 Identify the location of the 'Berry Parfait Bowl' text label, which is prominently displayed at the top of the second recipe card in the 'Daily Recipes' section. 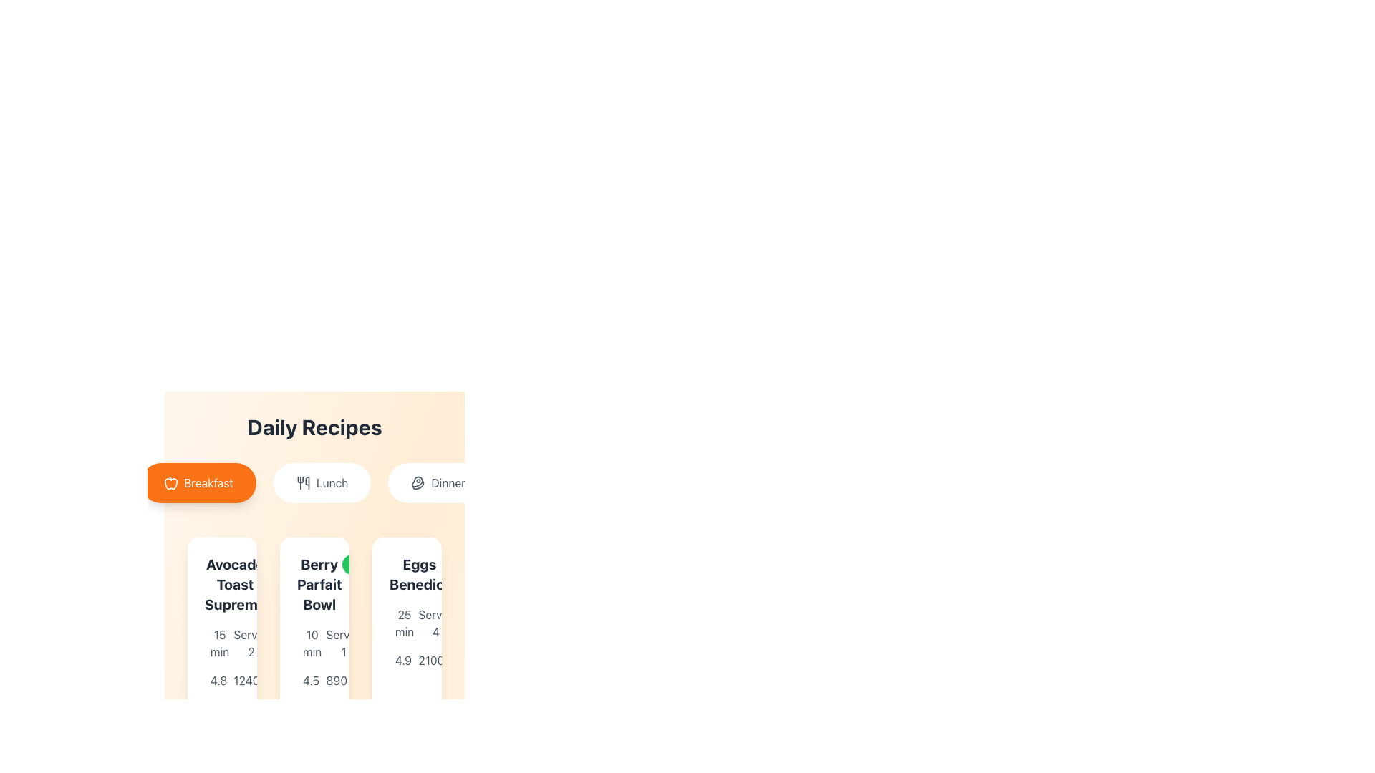
(314, 585).